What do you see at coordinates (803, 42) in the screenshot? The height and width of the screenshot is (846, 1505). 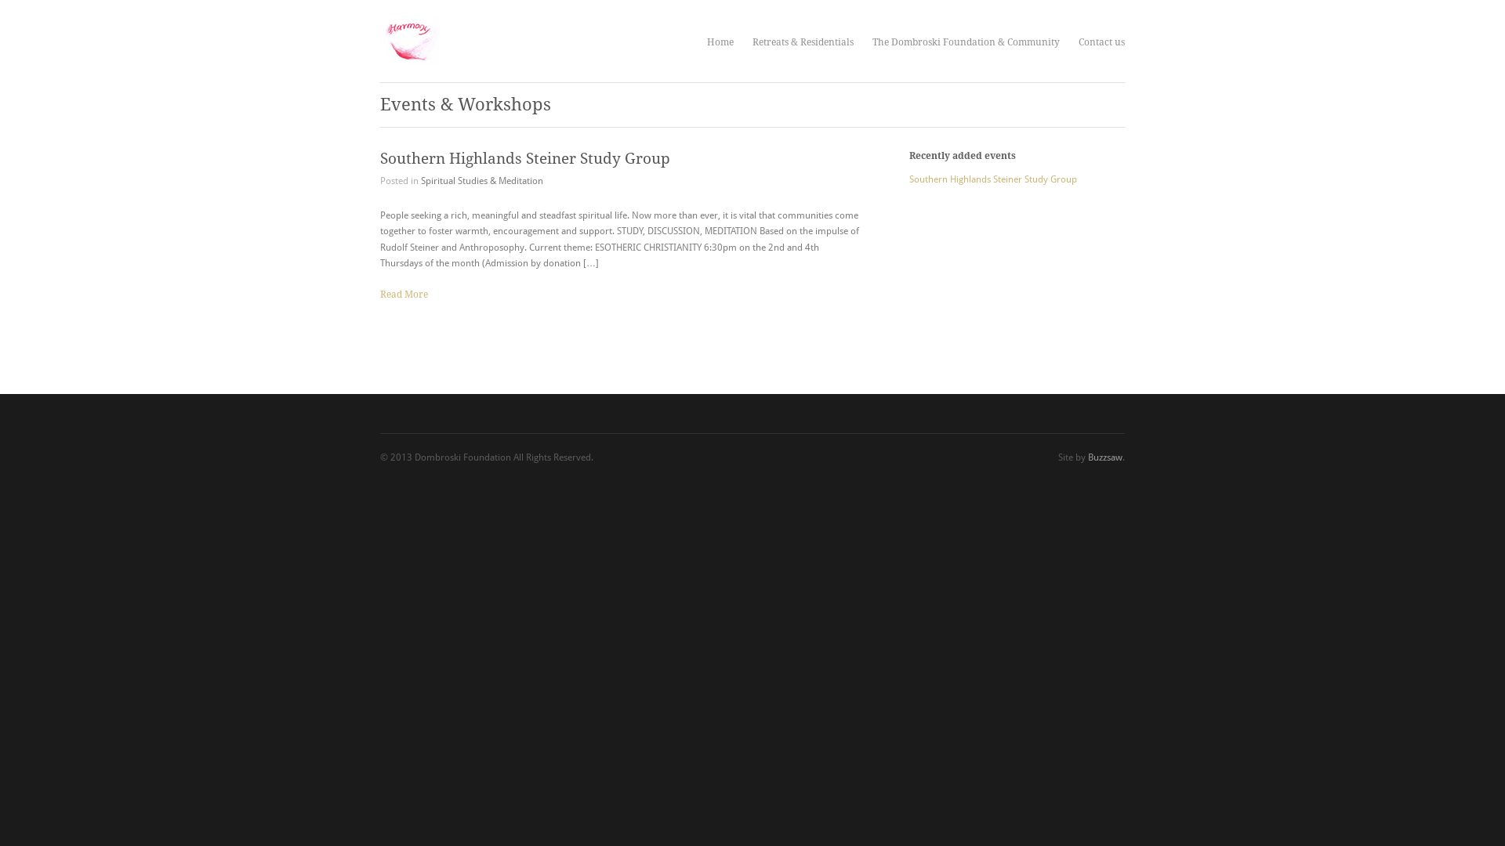 I see `'Retreats & Residentials'` at bounding box center [803, 42].